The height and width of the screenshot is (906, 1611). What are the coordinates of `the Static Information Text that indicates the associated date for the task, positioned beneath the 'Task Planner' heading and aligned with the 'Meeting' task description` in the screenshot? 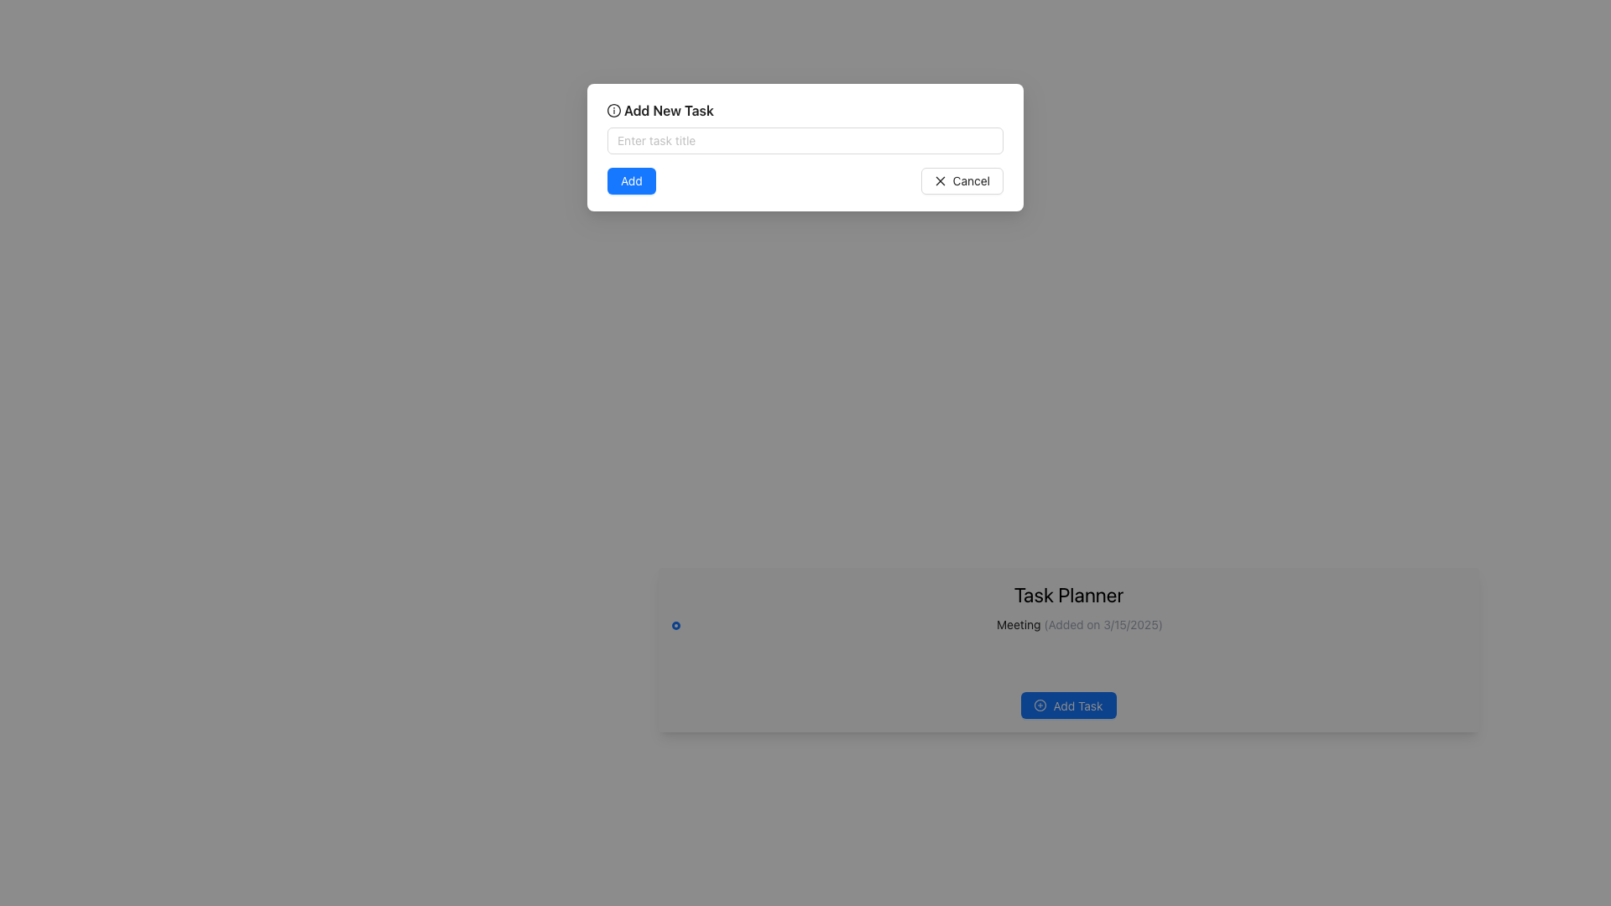 It's located at (1102, 624).